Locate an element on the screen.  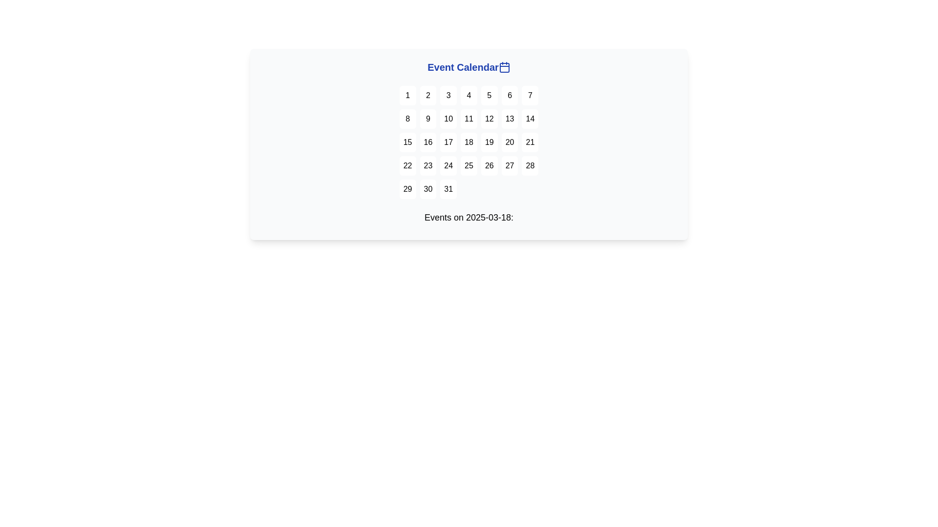
the square button with rounded corners displaying the number '1' is located at coordinates (407, 96).